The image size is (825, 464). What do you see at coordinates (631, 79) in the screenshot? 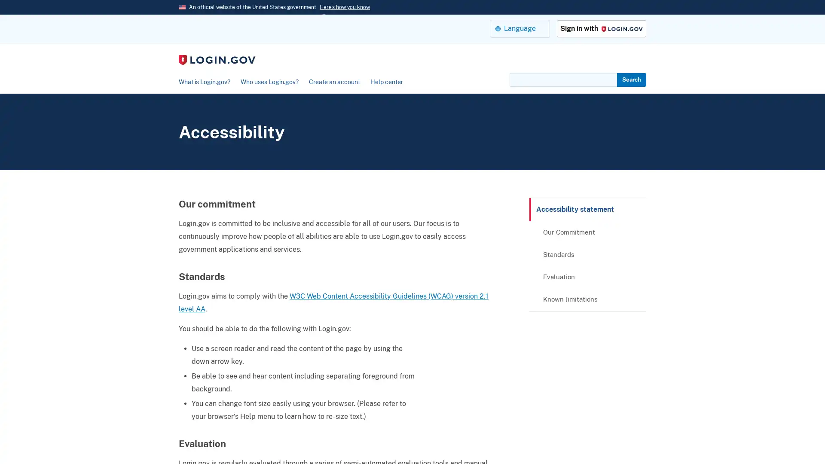
I see `Search` at bounding box center [631, 79].